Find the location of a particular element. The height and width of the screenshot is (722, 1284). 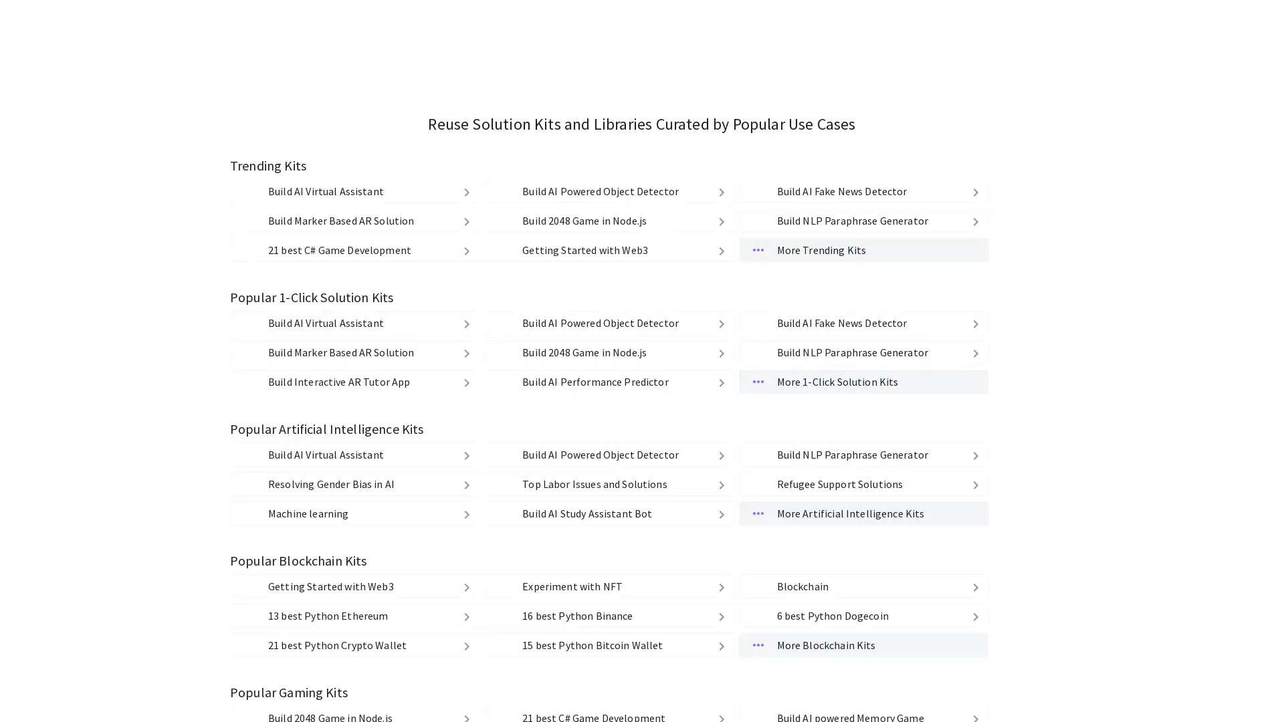

getting-started-with-web3 Getting Started with Web3 is located at coordinates (608, 584).